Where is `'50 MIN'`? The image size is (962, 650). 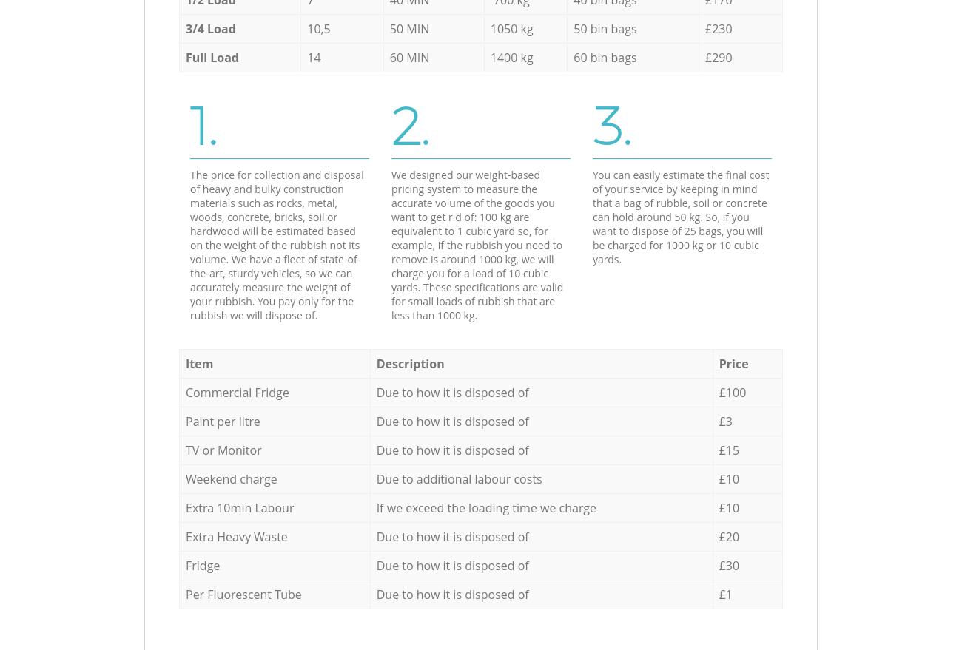
'50 MIN' is located at coordinates (408, 28).